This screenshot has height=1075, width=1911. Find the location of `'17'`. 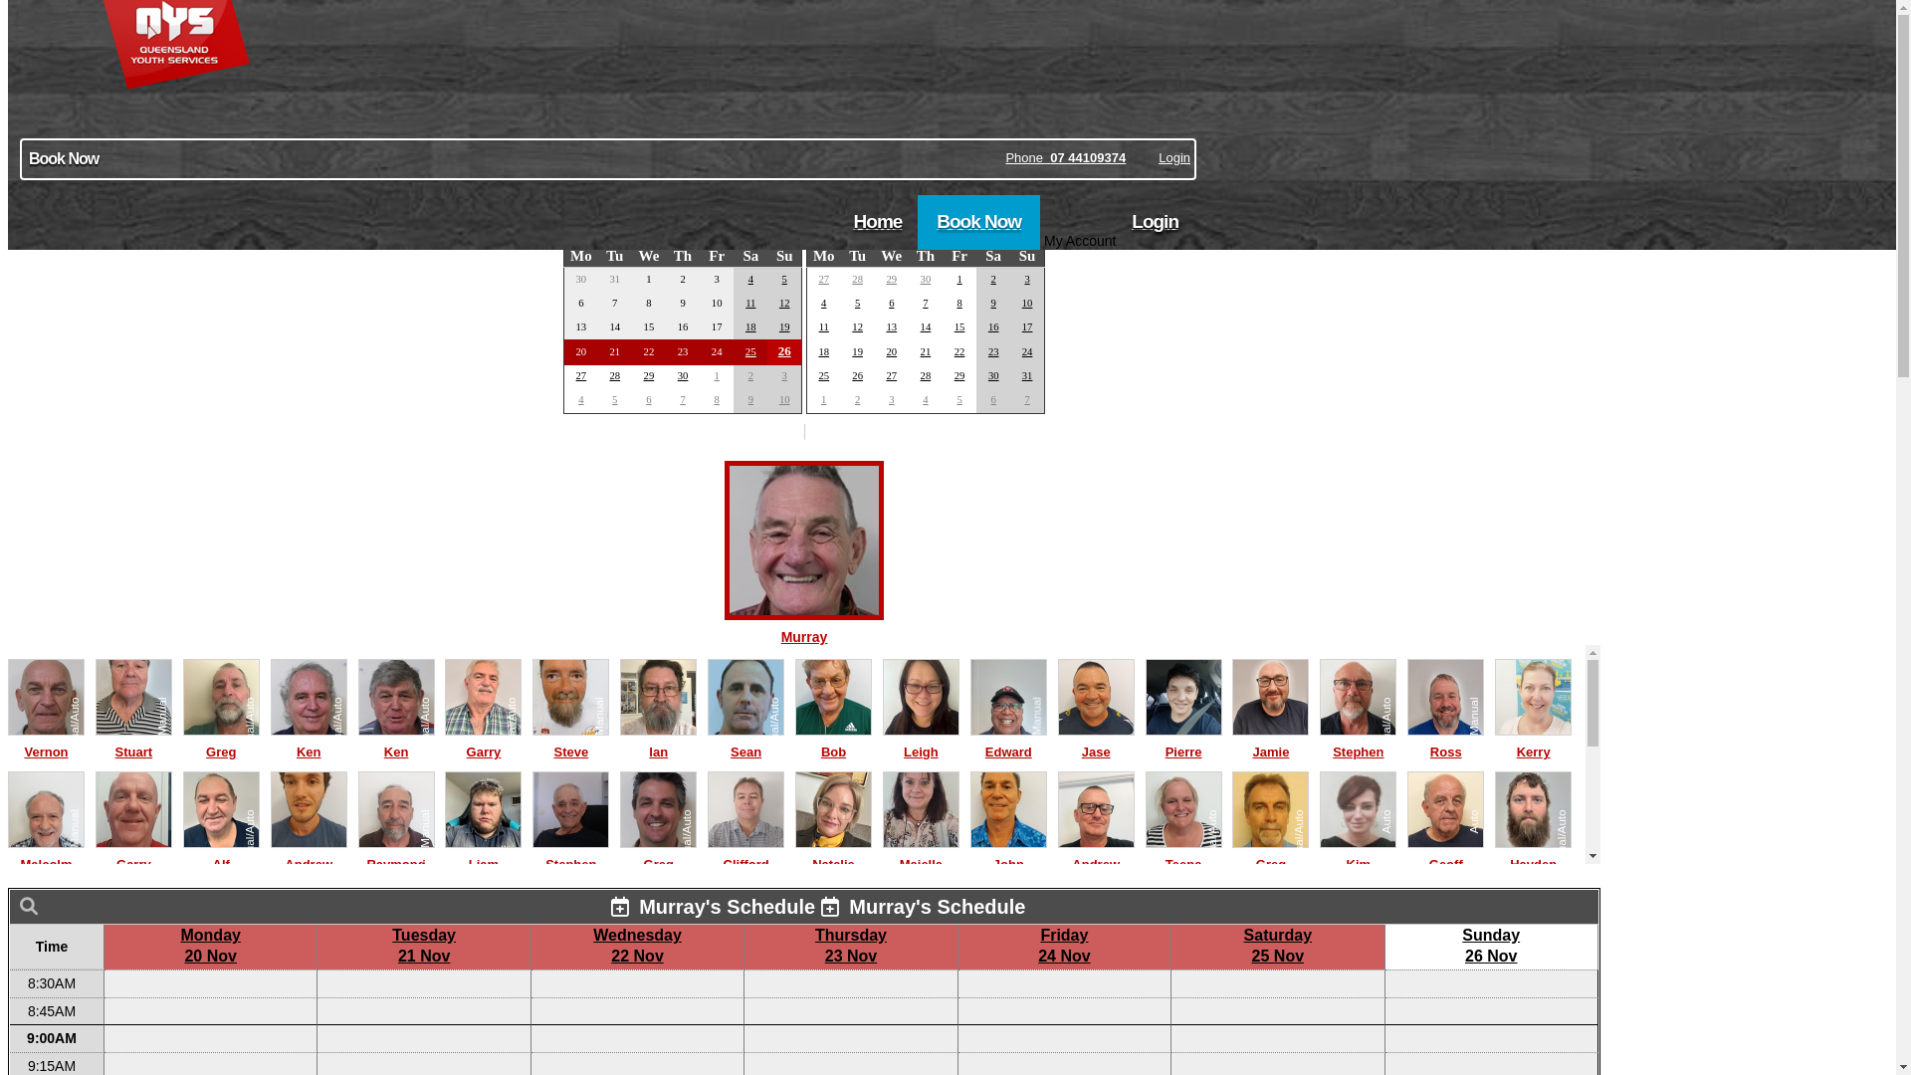

'17' is located at coordinates (1027, 325).